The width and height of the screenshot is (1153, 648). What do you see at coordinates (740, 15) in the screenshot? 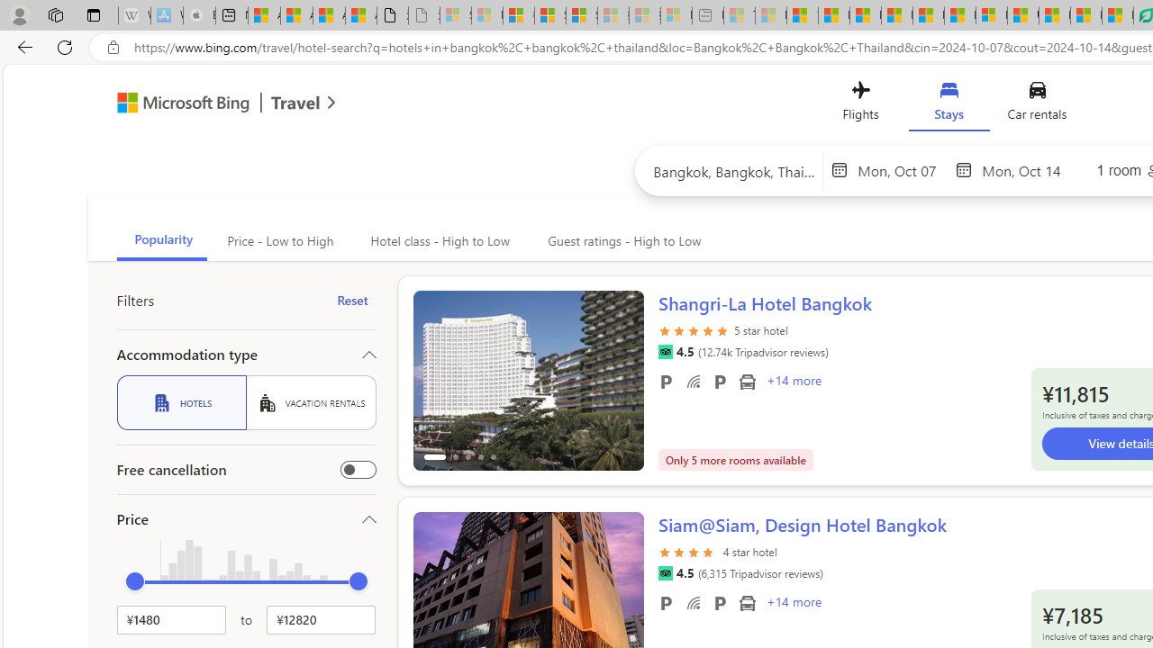
I see `'Top Stories - MSN - Sleeping'` at bounding box center [740, 15].